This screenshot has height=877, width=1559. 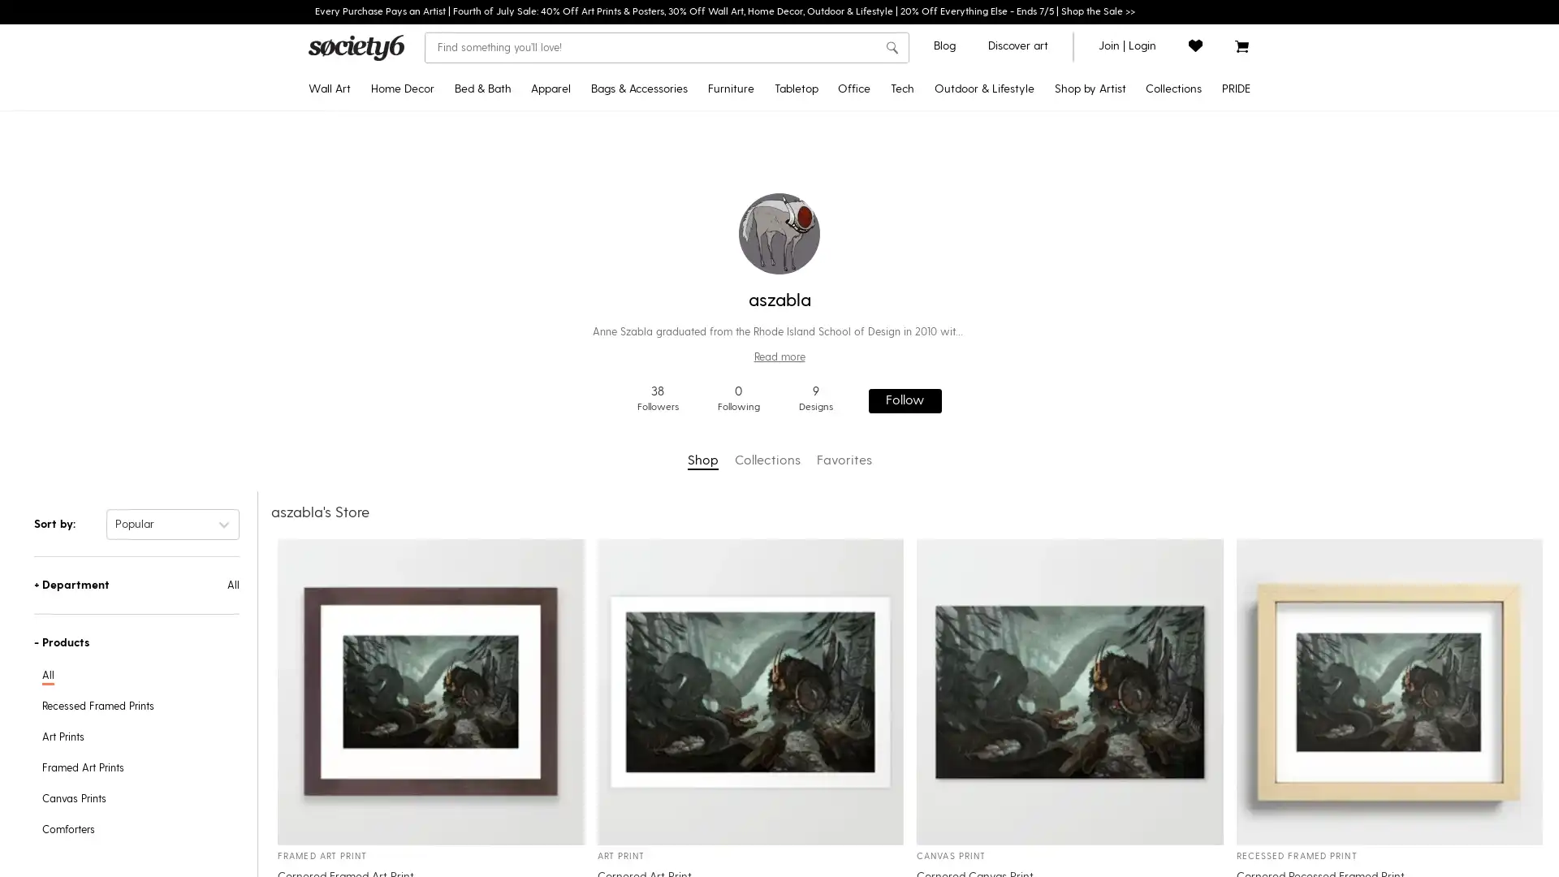 What do you see at coordinates (650, 130) in the screenshot?
I see `Tote Bags` at bounding box center [650, 130].